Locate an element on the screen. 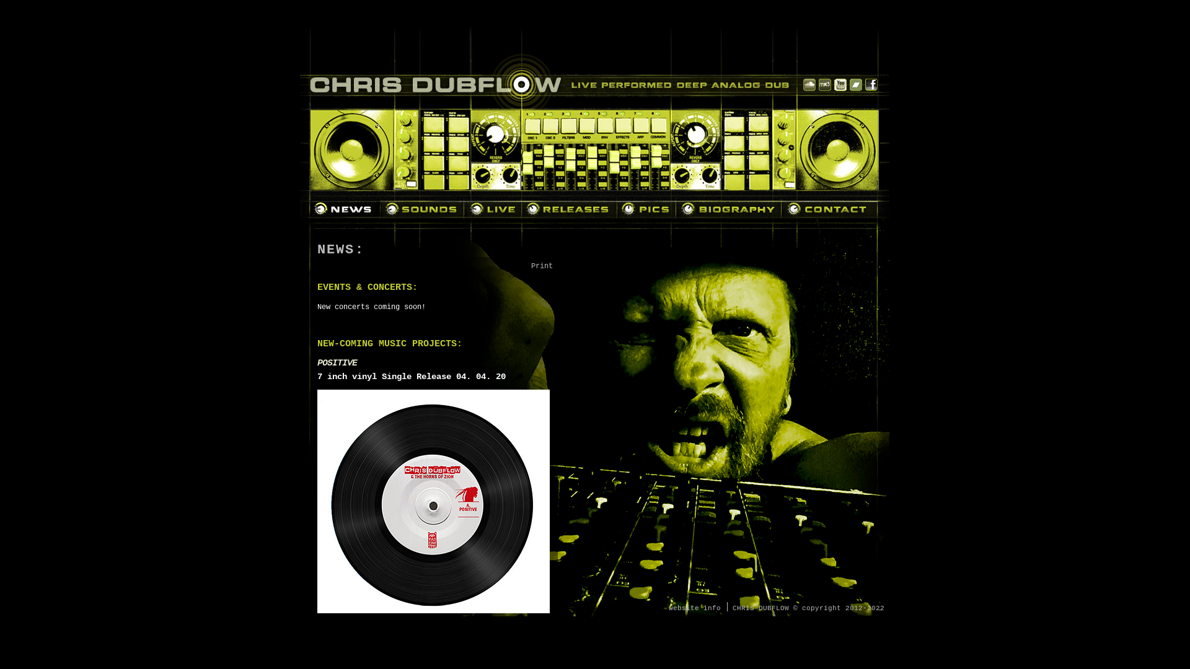 The height and width of the screenshot is (669, 1190). 'NEWS' is located at coordinates (345, 209).